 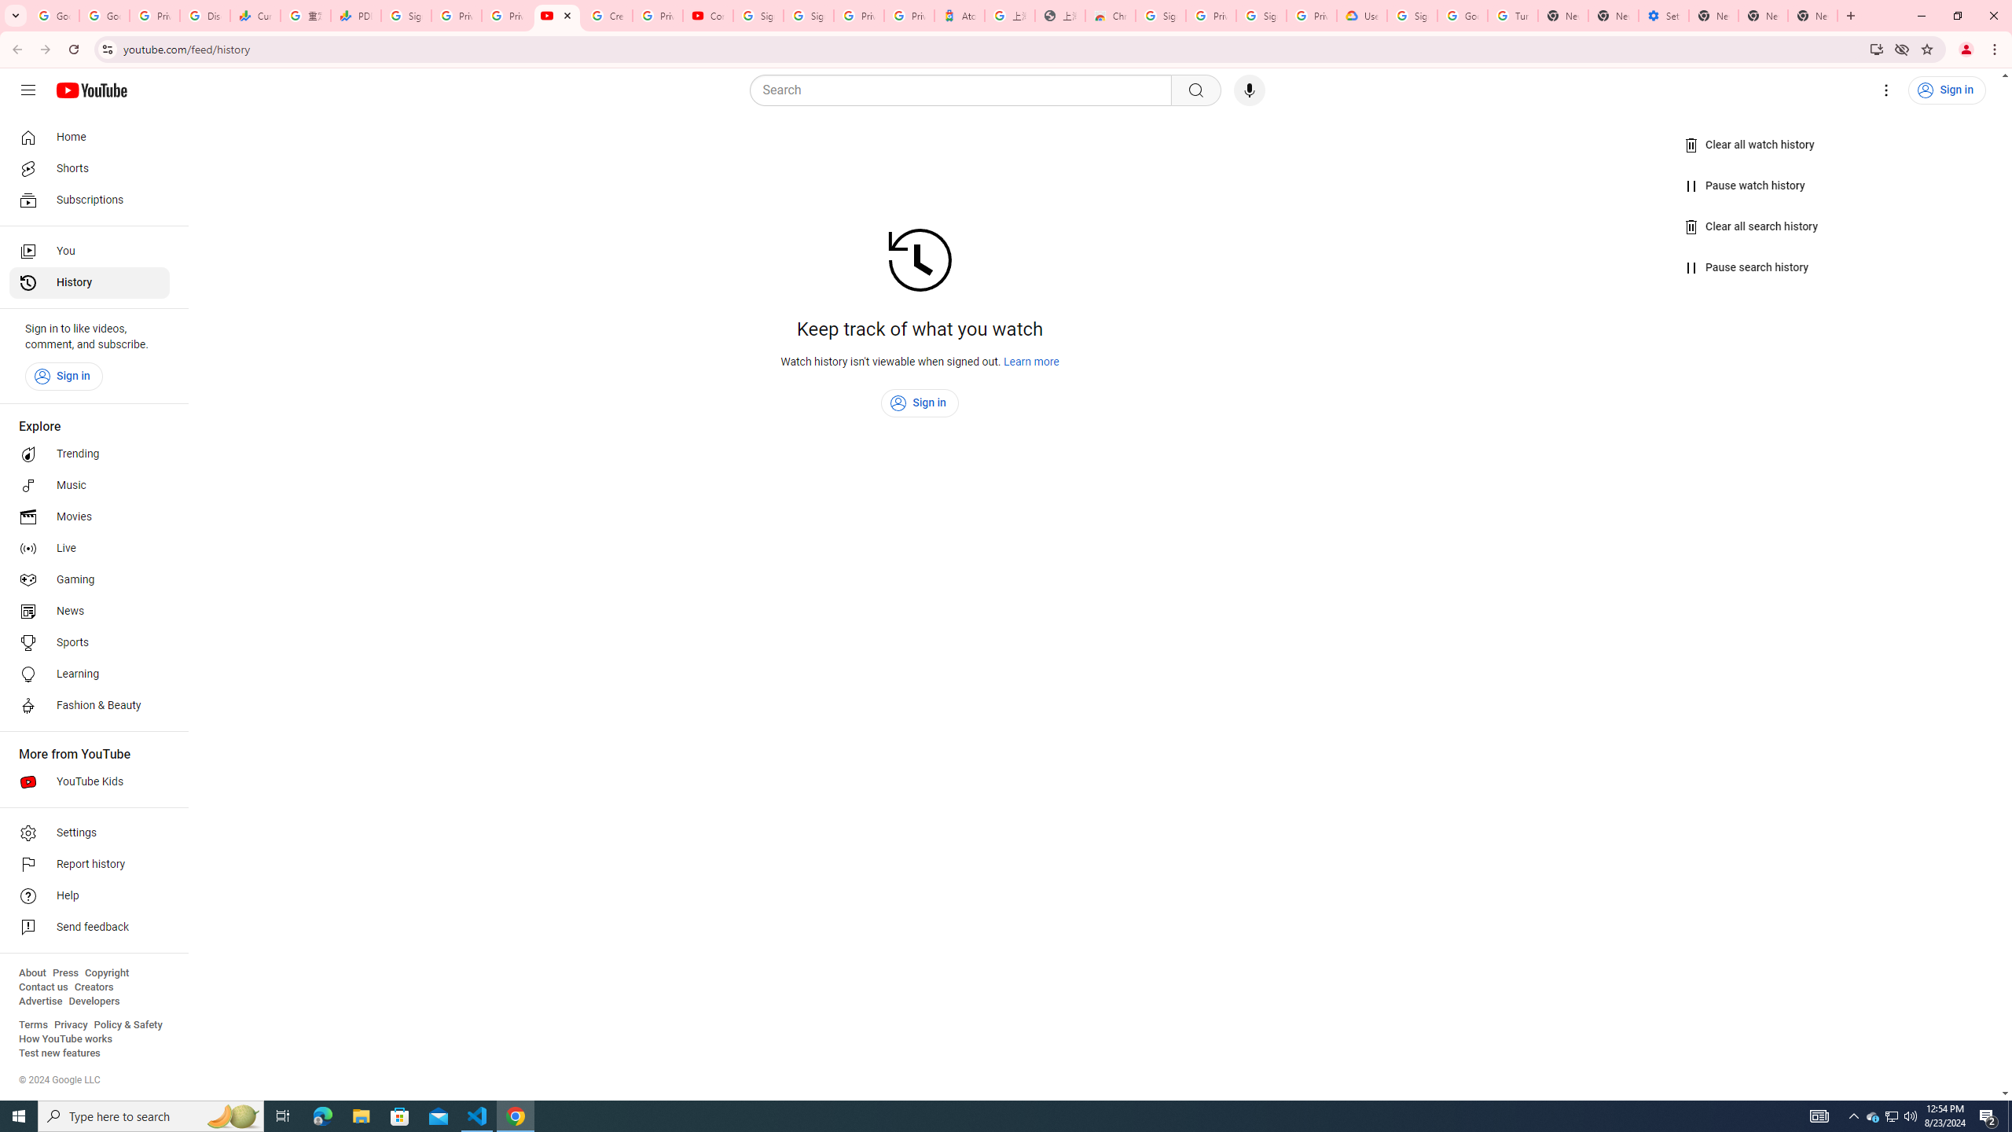 I want to click on 'Install YouTube', so click(x=1877, y=48).